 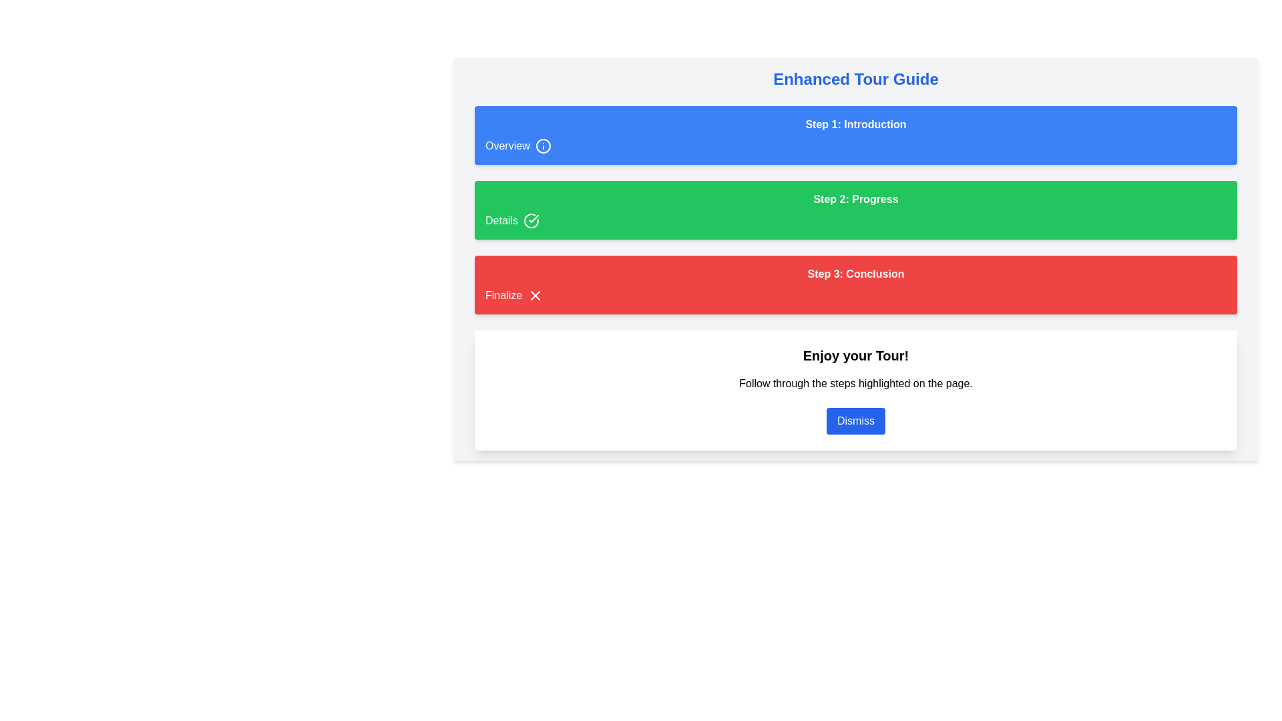 I want to click on the icon indicating a cancel, close, or error-related function located on the right side of the red rectangular section labeled 'Finalize' in the third row of the vertical list of steps, so click(x=536, y=295).